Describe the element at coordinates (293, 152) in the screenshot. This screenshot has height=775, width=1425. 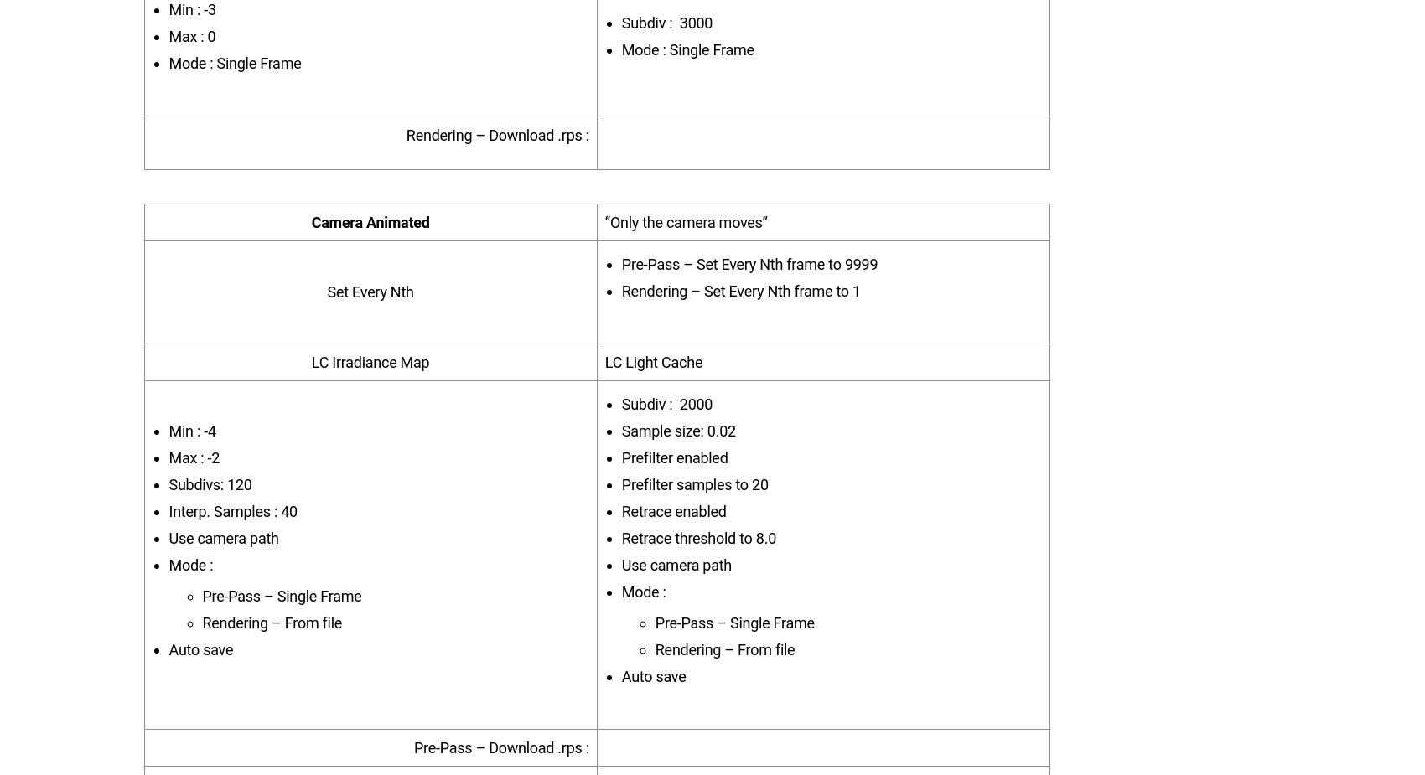
I see `'Element_Shadows'` at that location.